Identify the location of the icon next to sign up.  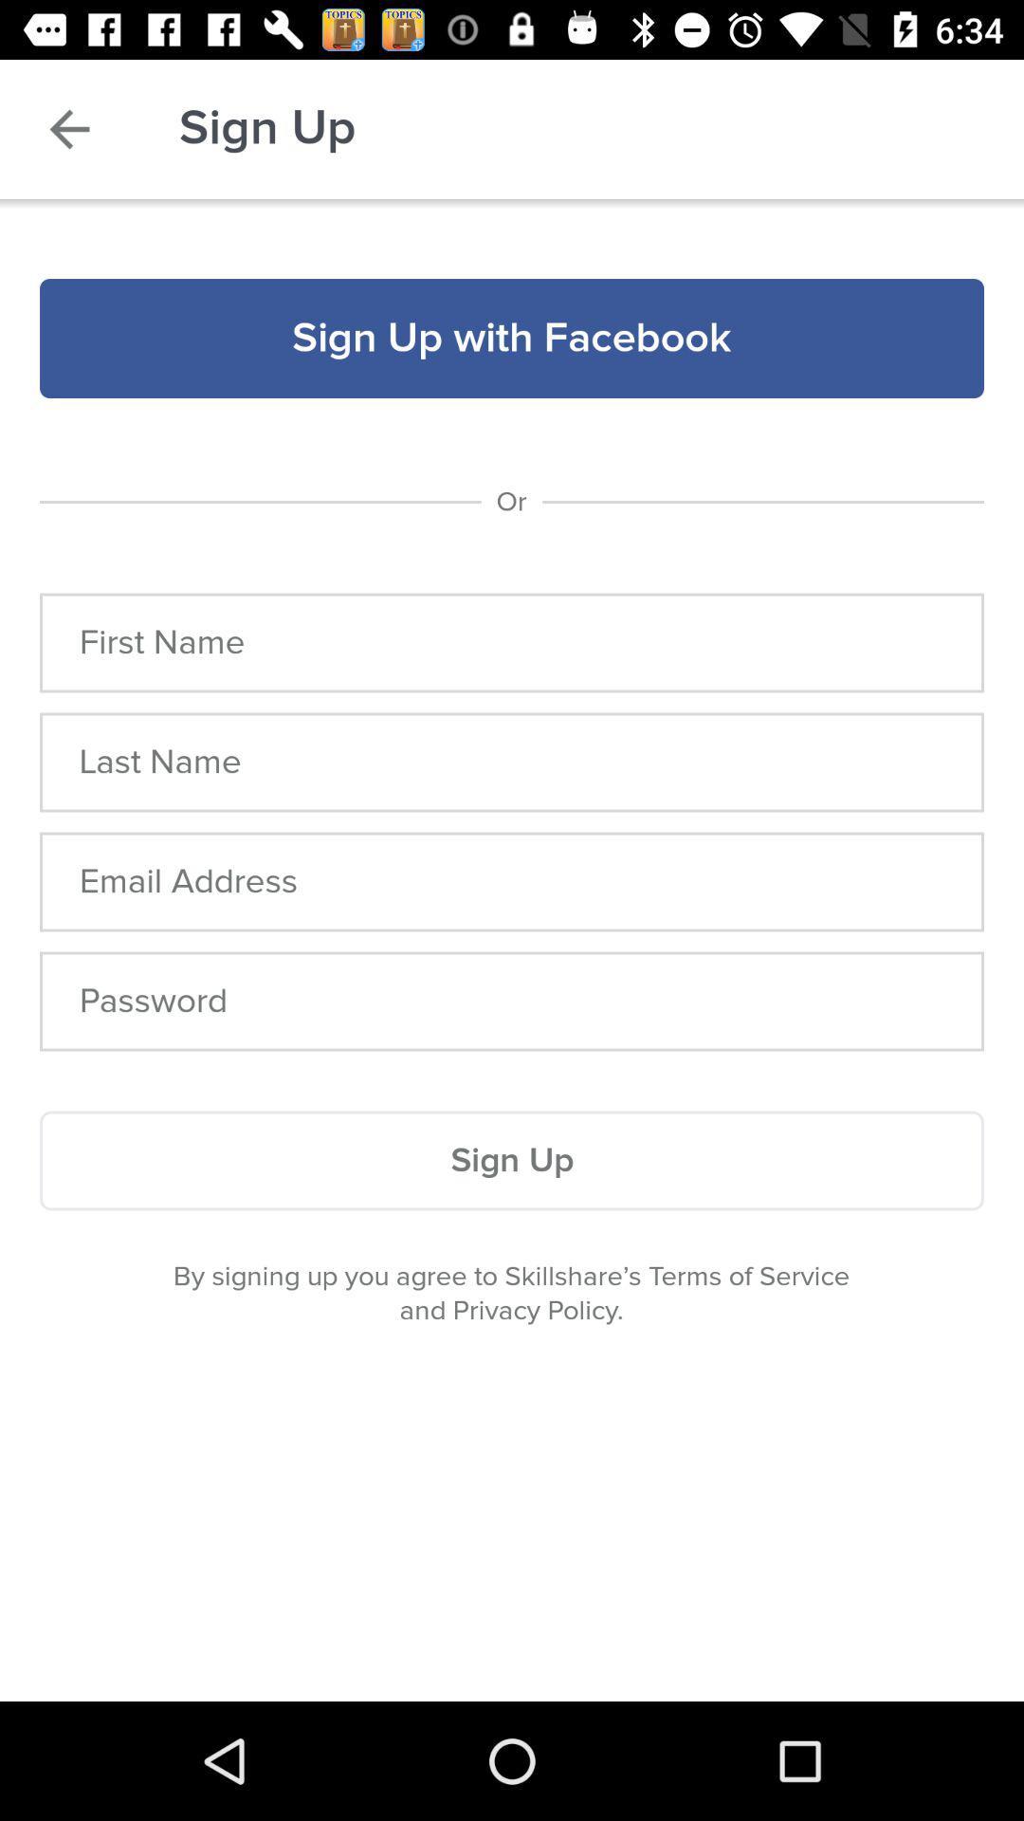
(68, 128).